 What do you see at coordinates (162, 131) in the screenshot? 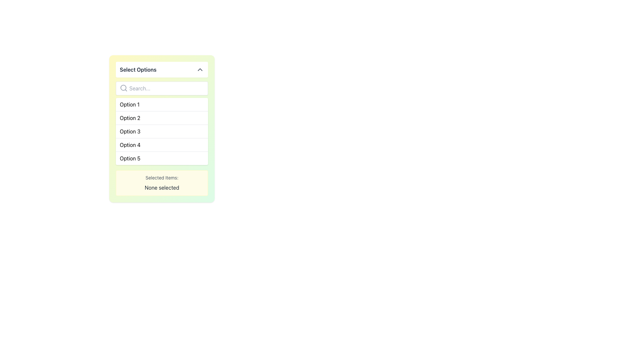
I see `to select the list item labeled 'Option 3', which is the third item in a vertically aligned list of options` at bounding box center [162, 131].